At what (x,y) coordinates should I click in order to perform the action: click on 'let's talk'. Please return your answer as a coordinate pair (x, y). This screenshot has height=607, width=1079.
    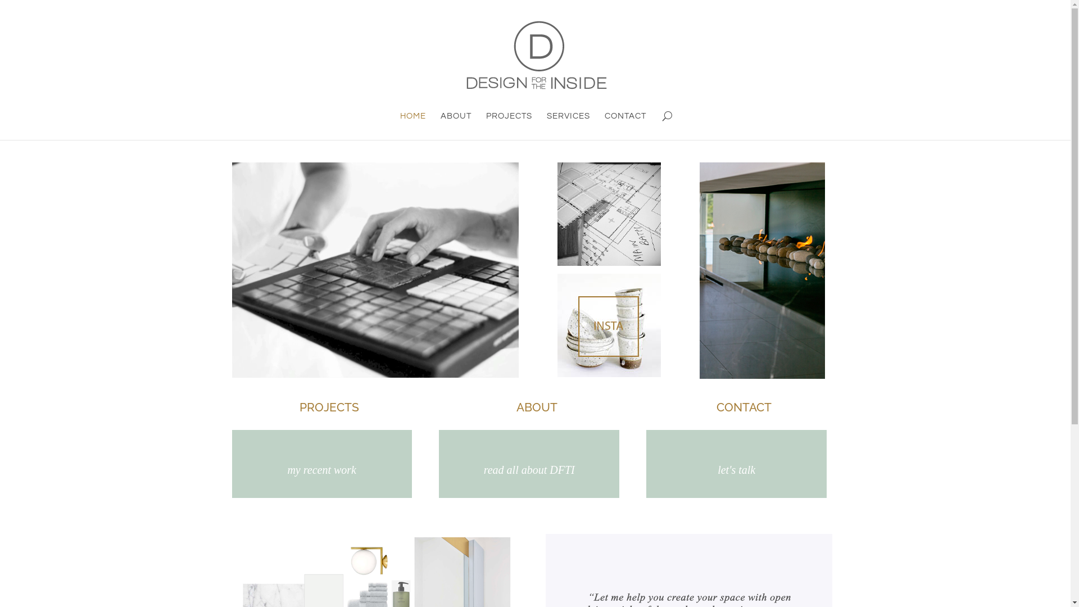
    Looking at the image, I should click on (736, 470).